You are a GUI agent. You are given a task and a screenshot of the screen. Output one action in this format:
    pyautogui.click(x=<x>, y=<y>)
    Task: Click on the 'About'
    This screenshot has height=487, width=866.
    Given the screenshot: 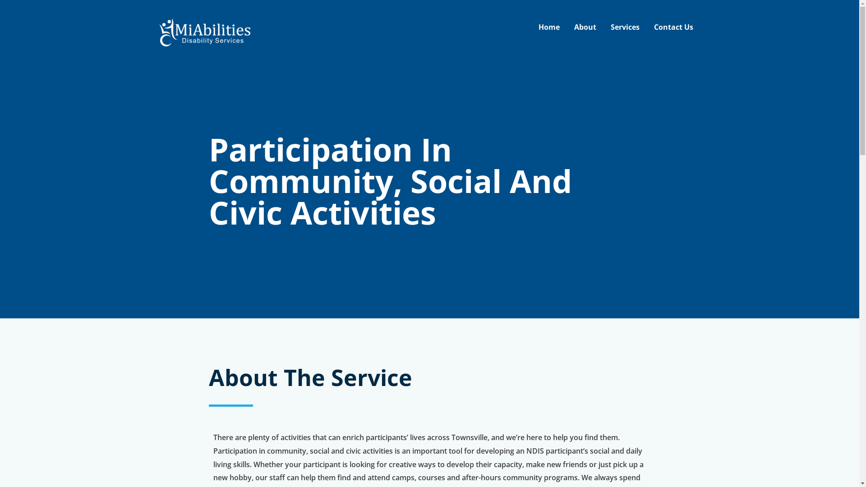 What is the action you would take?
    pyautogui.click(x=585, y=27)
    